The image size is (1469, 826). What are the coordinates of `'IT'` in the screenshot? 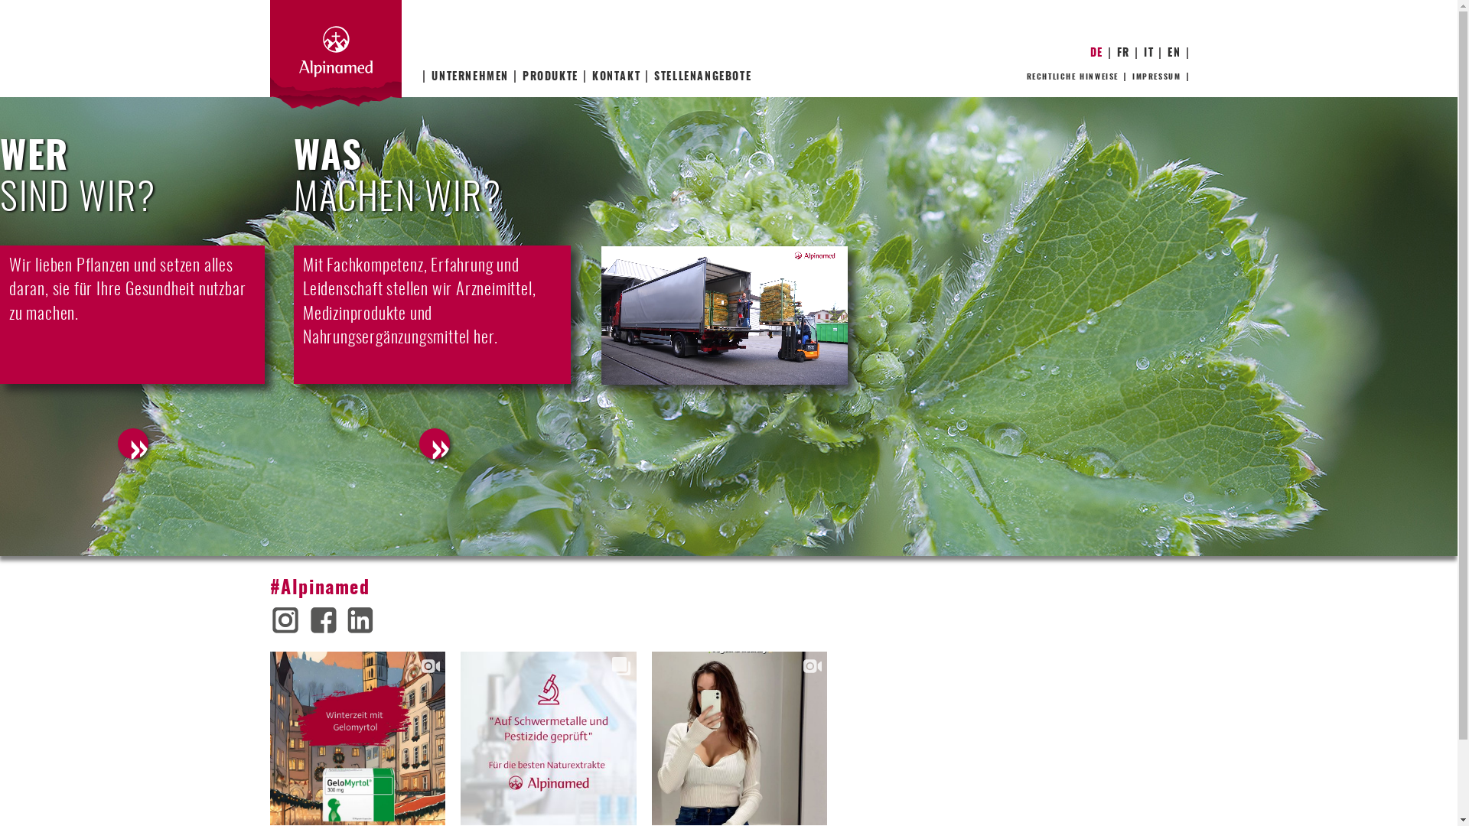 It's located at (1148, 52).